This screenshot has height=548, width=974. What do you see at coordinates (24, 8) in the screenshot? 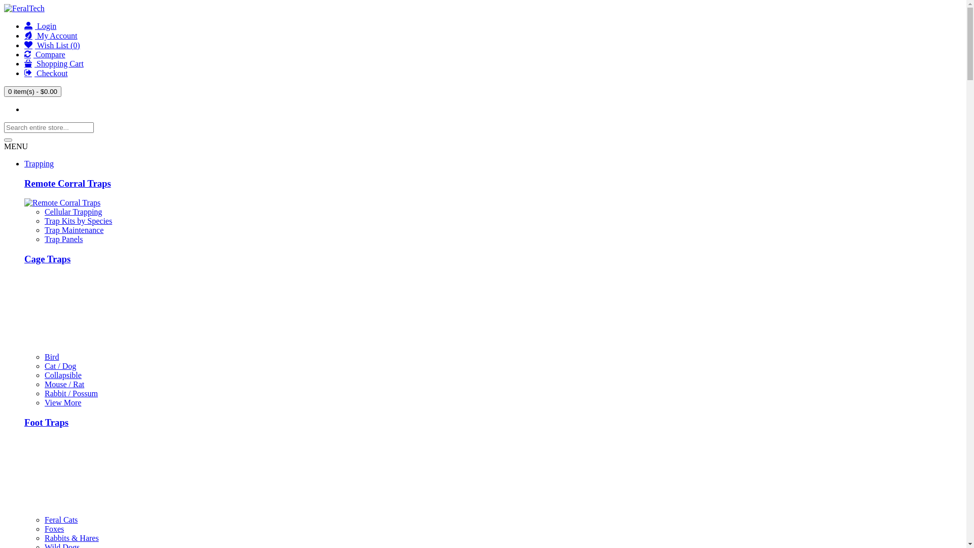
I see `'FeralTech'` at bounding box center [24, 8].